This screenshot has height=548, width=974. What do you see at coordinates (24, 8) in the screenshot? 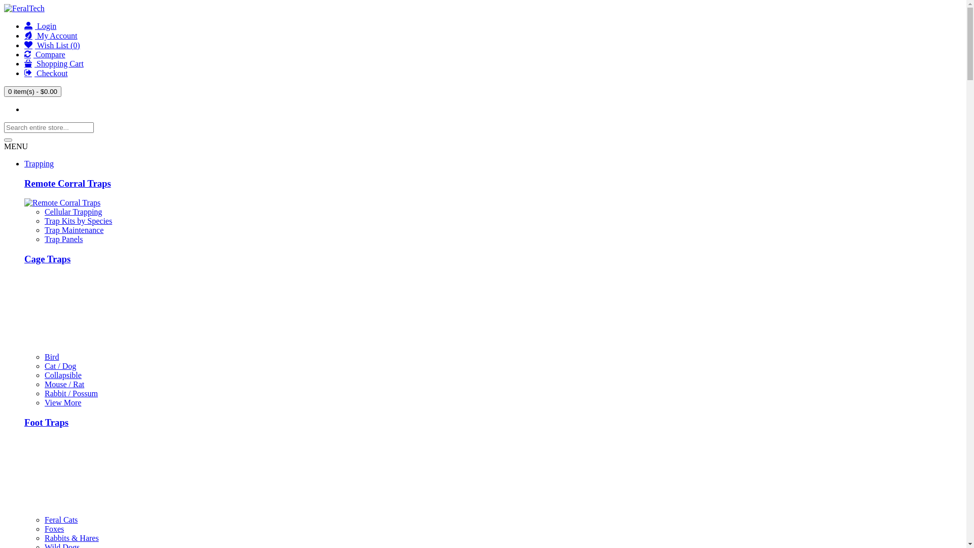
I see `'FeralTech'` at bounding box center [24, 8].